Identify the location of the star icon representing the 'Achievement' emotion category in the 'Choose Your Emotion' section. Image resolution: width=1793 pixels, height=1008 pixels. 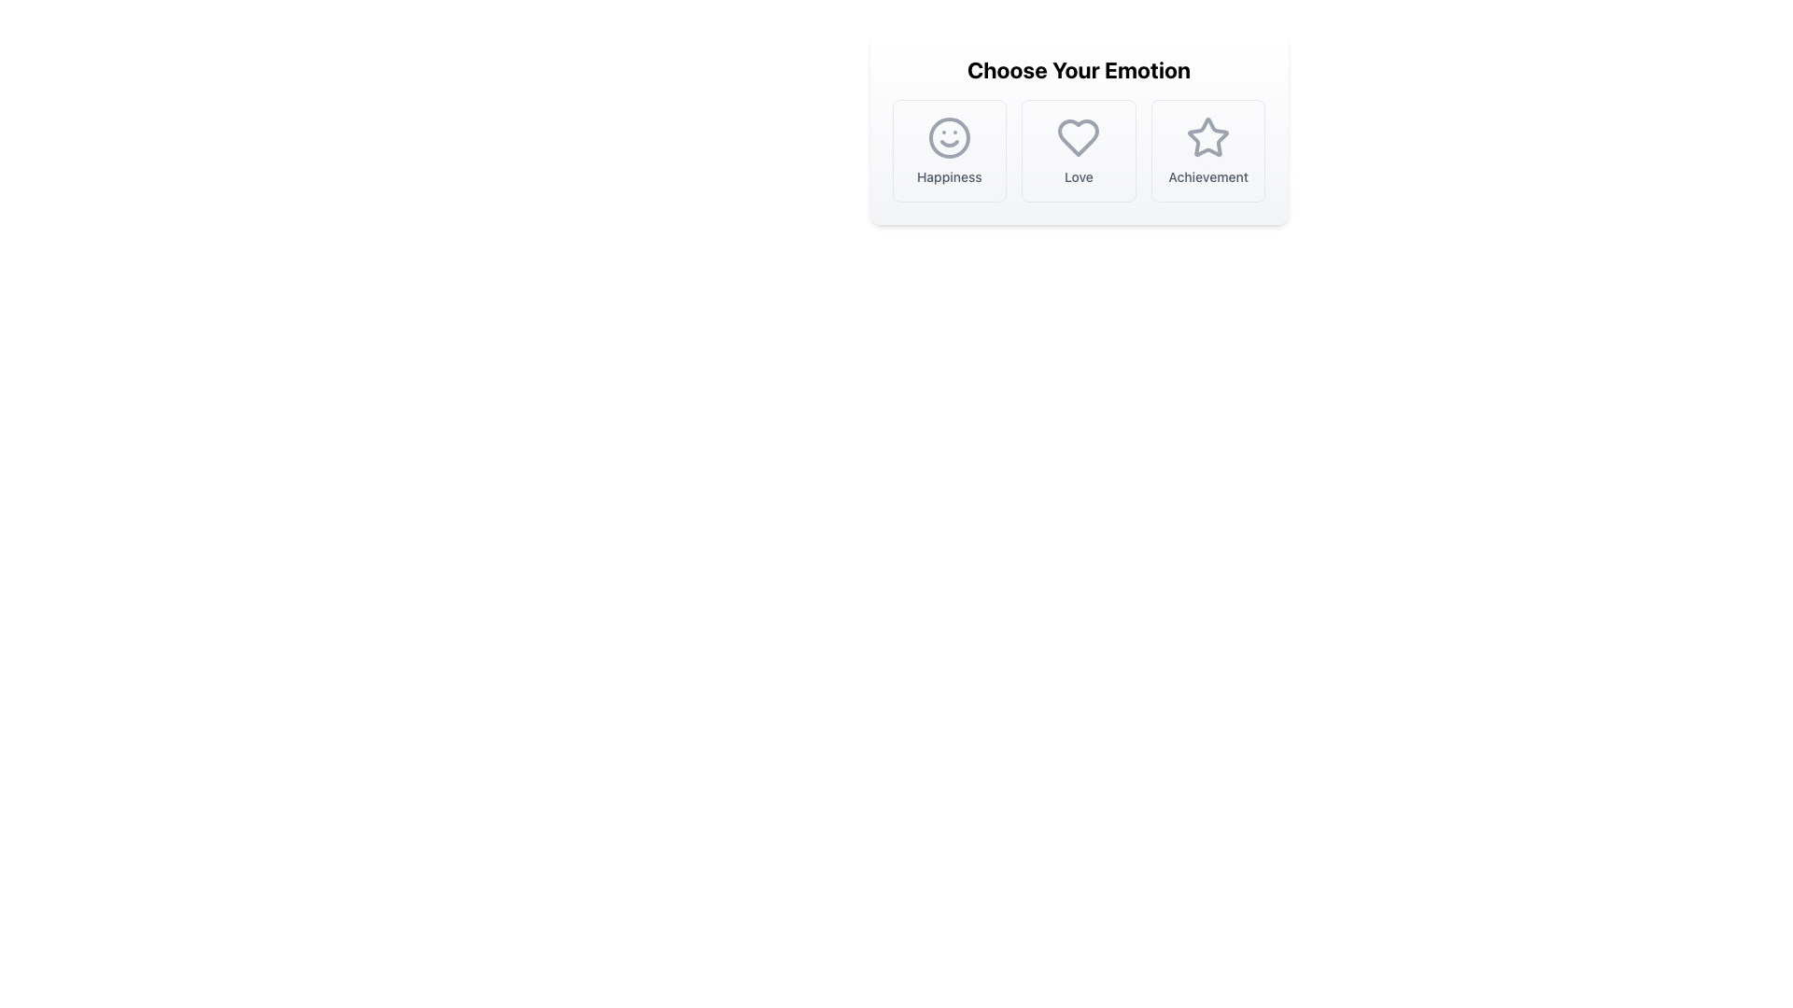
(1208, 136).